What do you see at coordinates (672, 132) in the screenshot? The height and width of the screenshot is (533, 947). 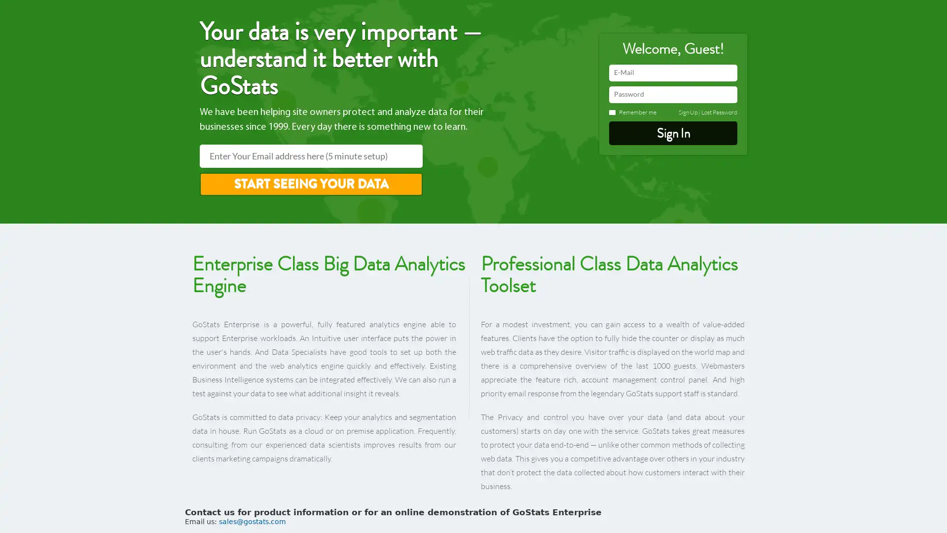 I see `Sign In` at bounding box center [672, 132].